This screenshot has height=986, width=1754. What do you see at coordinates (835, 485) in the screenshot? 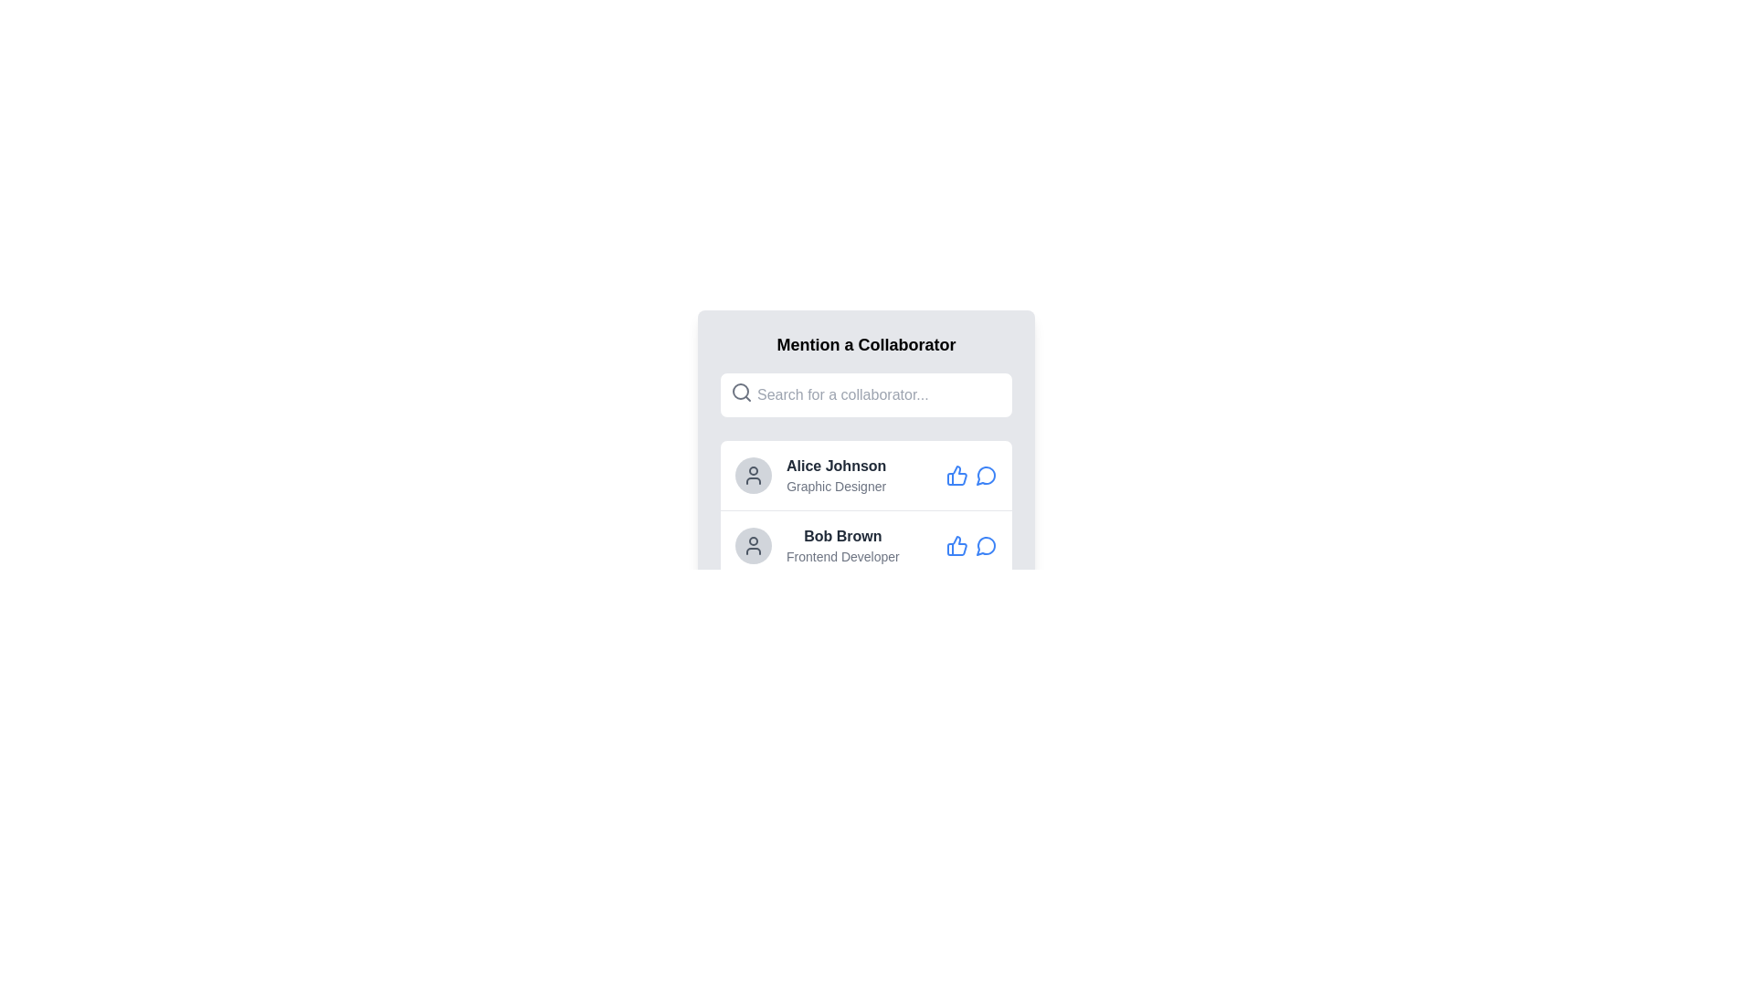
I see `text label that describes the role or occupation of the person listed, located directly below the name 'Alice Johnson' in the vertical list of collaborators within the centered modal` at bounding box center [835, 485].